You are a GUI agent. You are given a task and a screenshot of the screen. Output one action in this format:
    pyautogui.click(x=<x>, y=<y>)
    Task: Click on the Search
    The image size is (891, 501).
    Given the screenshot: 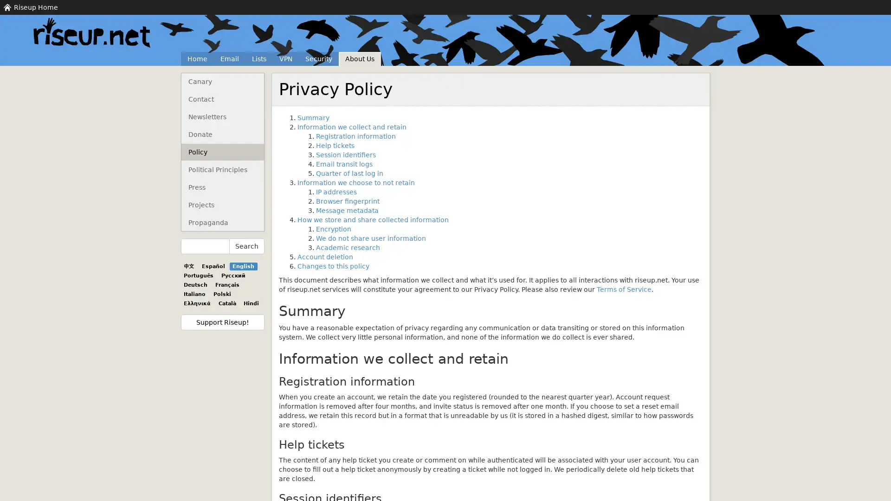 What is the action you would take?
    pyautogui.click(x=247, y=246)
    